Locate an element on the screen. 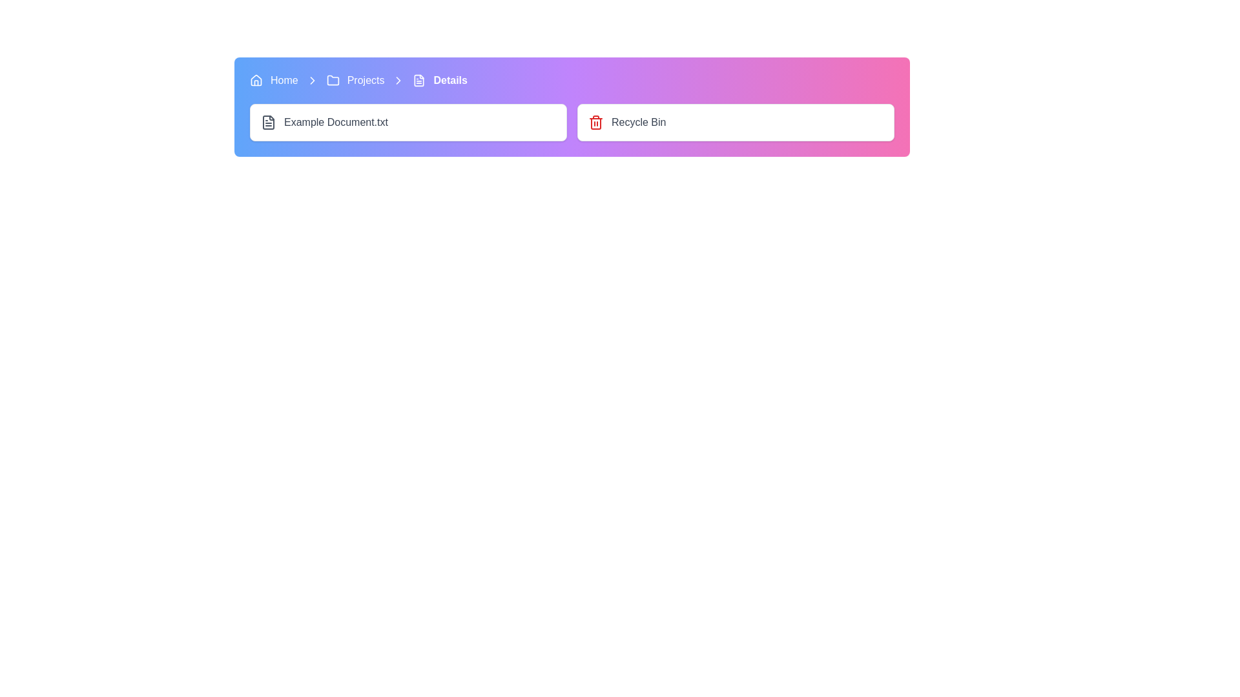 This screenshot has height=697, width=1240. the rightward-chevron icon used for navigation cues located in the breadcrumb bar between the 'Projects' and 'Details' labels is located at coordinates (398, 80).